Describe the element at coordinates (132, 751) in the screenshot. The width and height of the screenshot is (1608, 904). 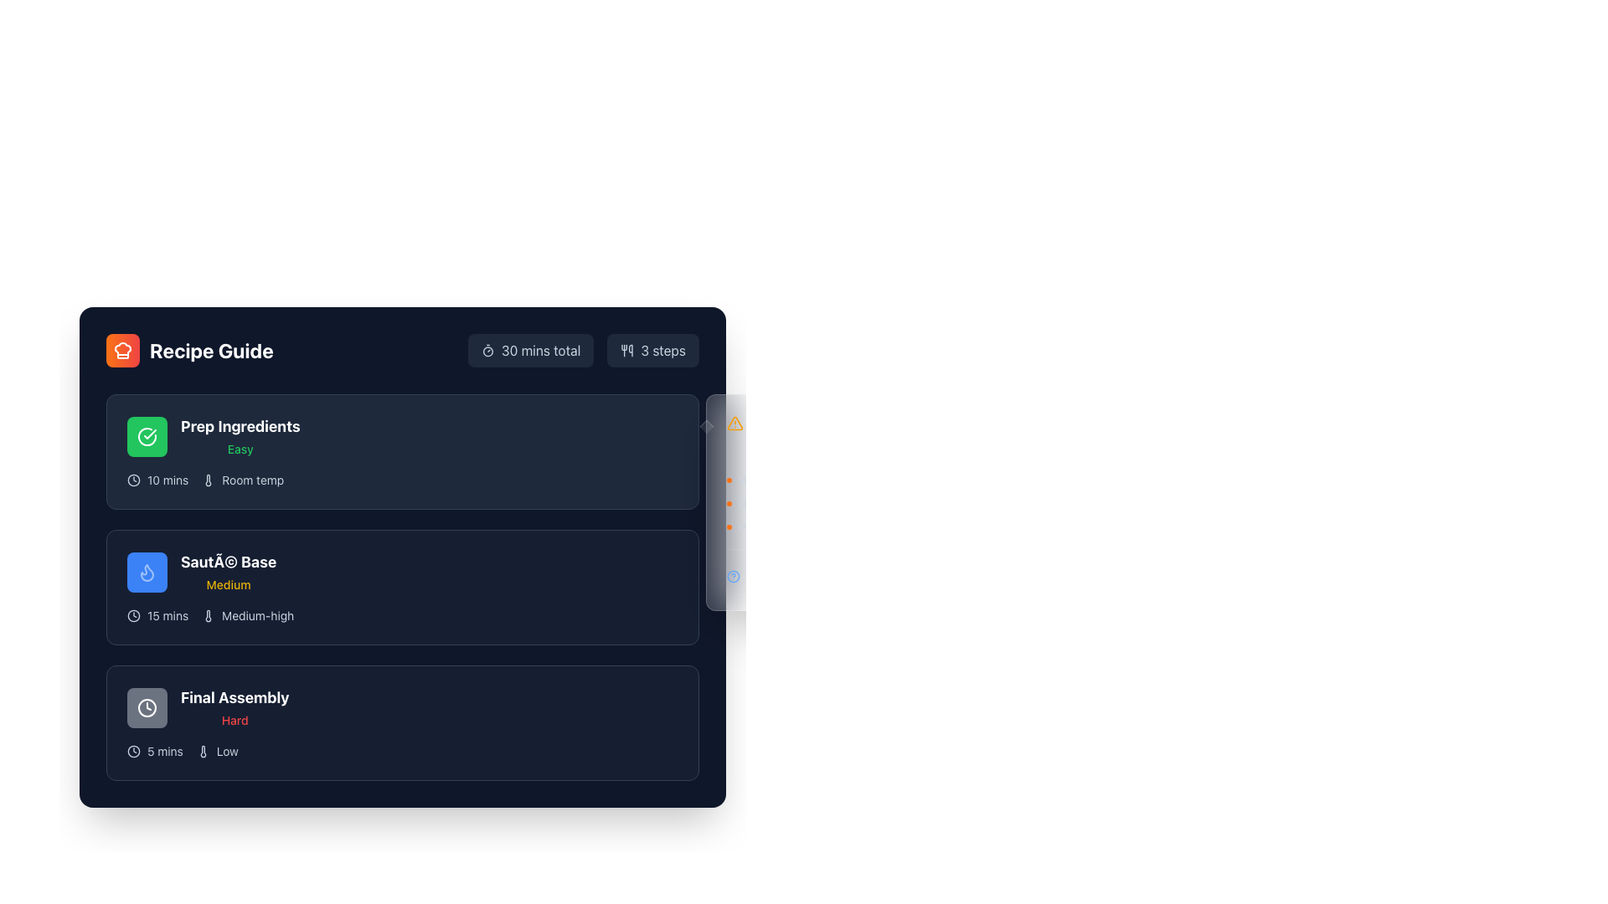
I see `the clock icon representing time duration for the 'Final Assembly' step, located at the bottom-left corner of the 'Final Assembly' section, to the left of the text '5 mins'` at that location.